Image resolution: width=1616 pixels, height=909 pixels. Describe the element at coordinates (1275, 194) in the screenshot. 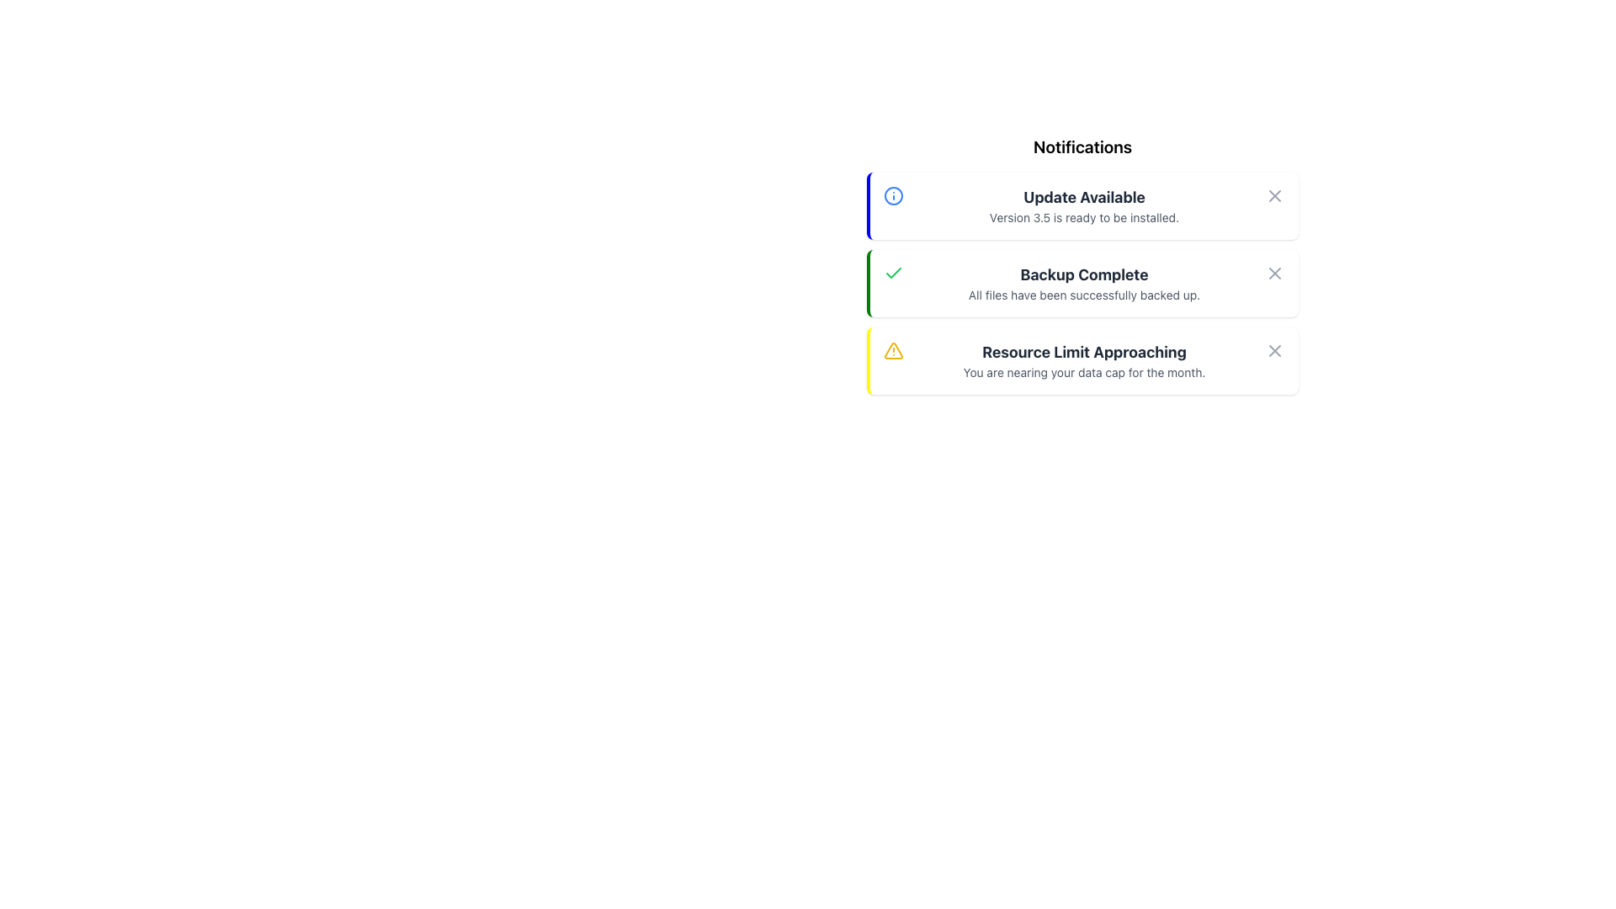

I see `the small cross icon button located at the far right of the 'Update Available' notification panel` at that location.